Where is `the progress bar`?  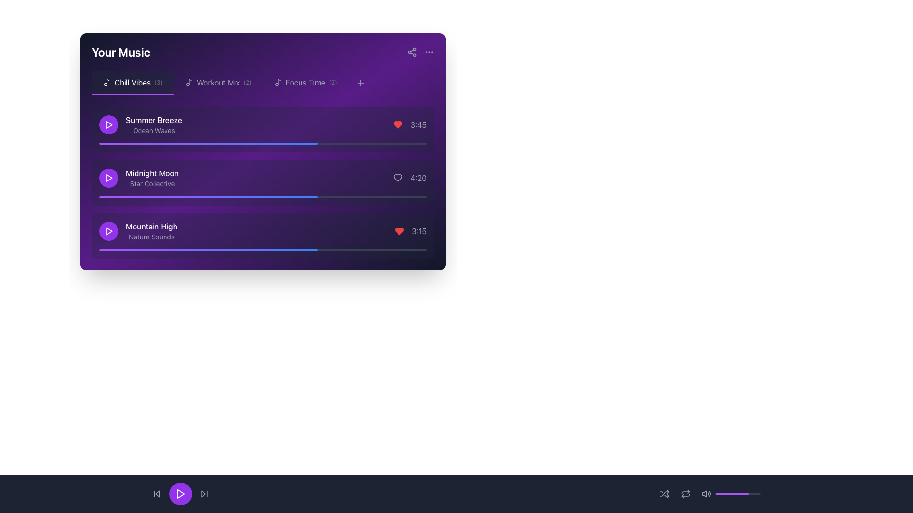 the progress bar is located at coordinates (230, 197).